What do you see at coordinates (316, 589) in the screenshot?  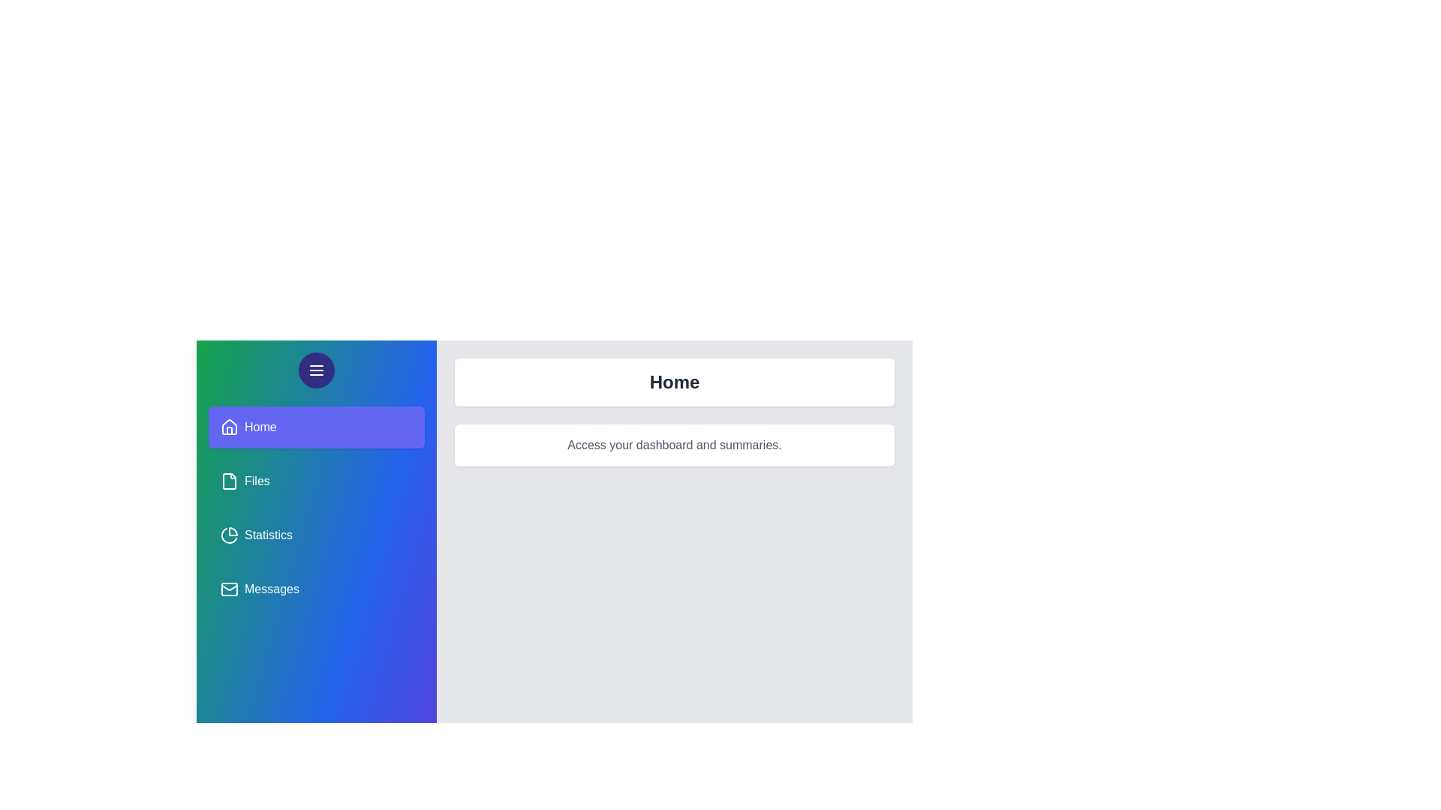 I see `the panel named Messages from the sidebar` at bounding box center [316, 589].